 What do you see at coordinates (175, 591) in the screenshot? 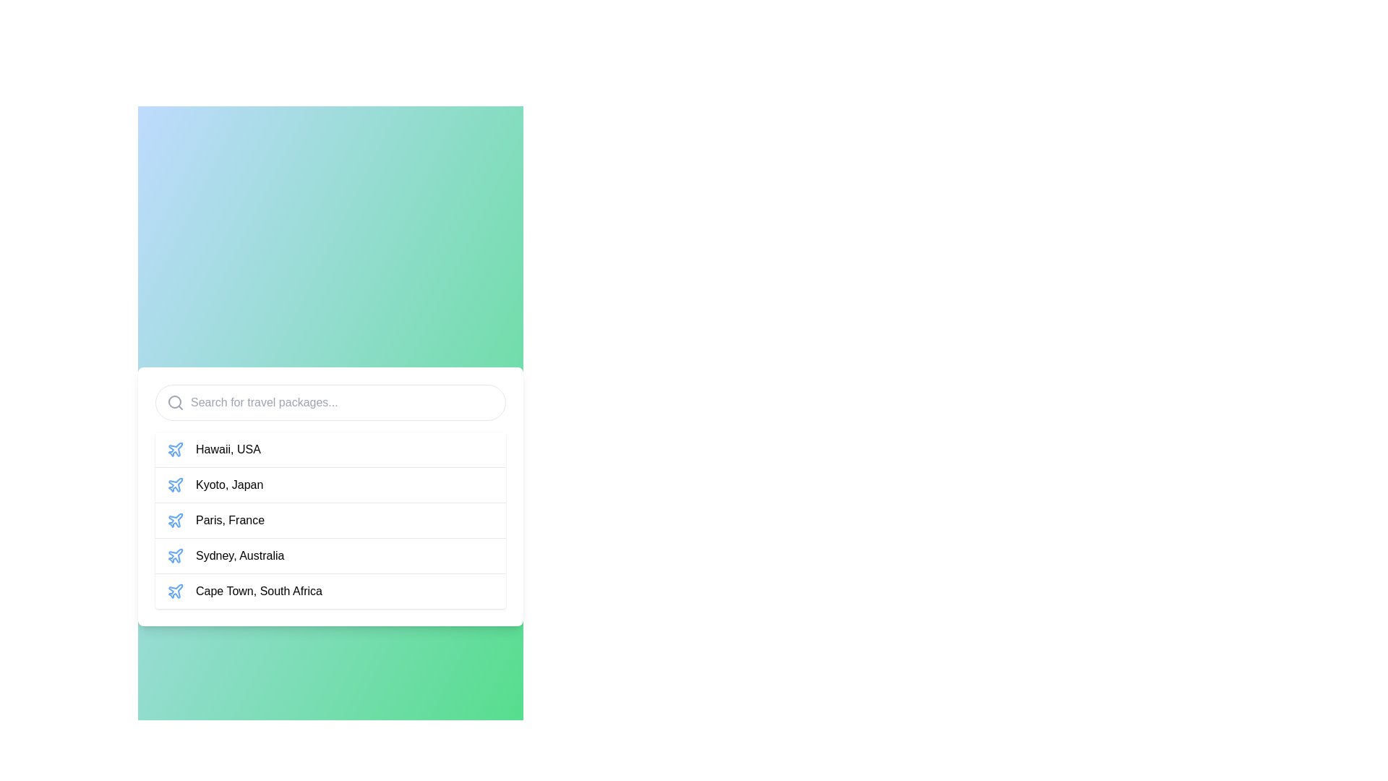
I see `the flight service icon located inside the fifth item of the list labeled 'Cape Town, South Africa', which is aligned to the left edge of the text label` at bounding box center [175, 591].